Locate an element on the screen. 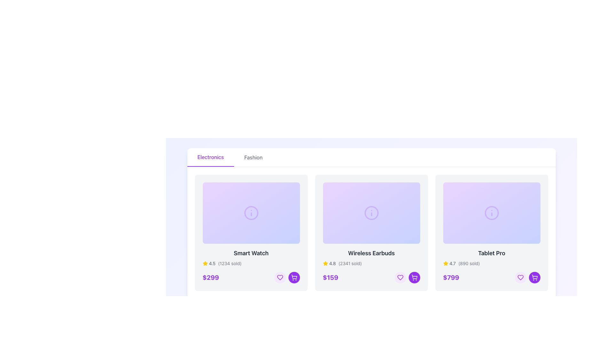 The height and width of the screenshot is (345, 614). the interactive button group located at the bottom-right corner of the product card, next to the price ($299) and beneath the product description (Smart Watch) is located at coordinates (287, 277).